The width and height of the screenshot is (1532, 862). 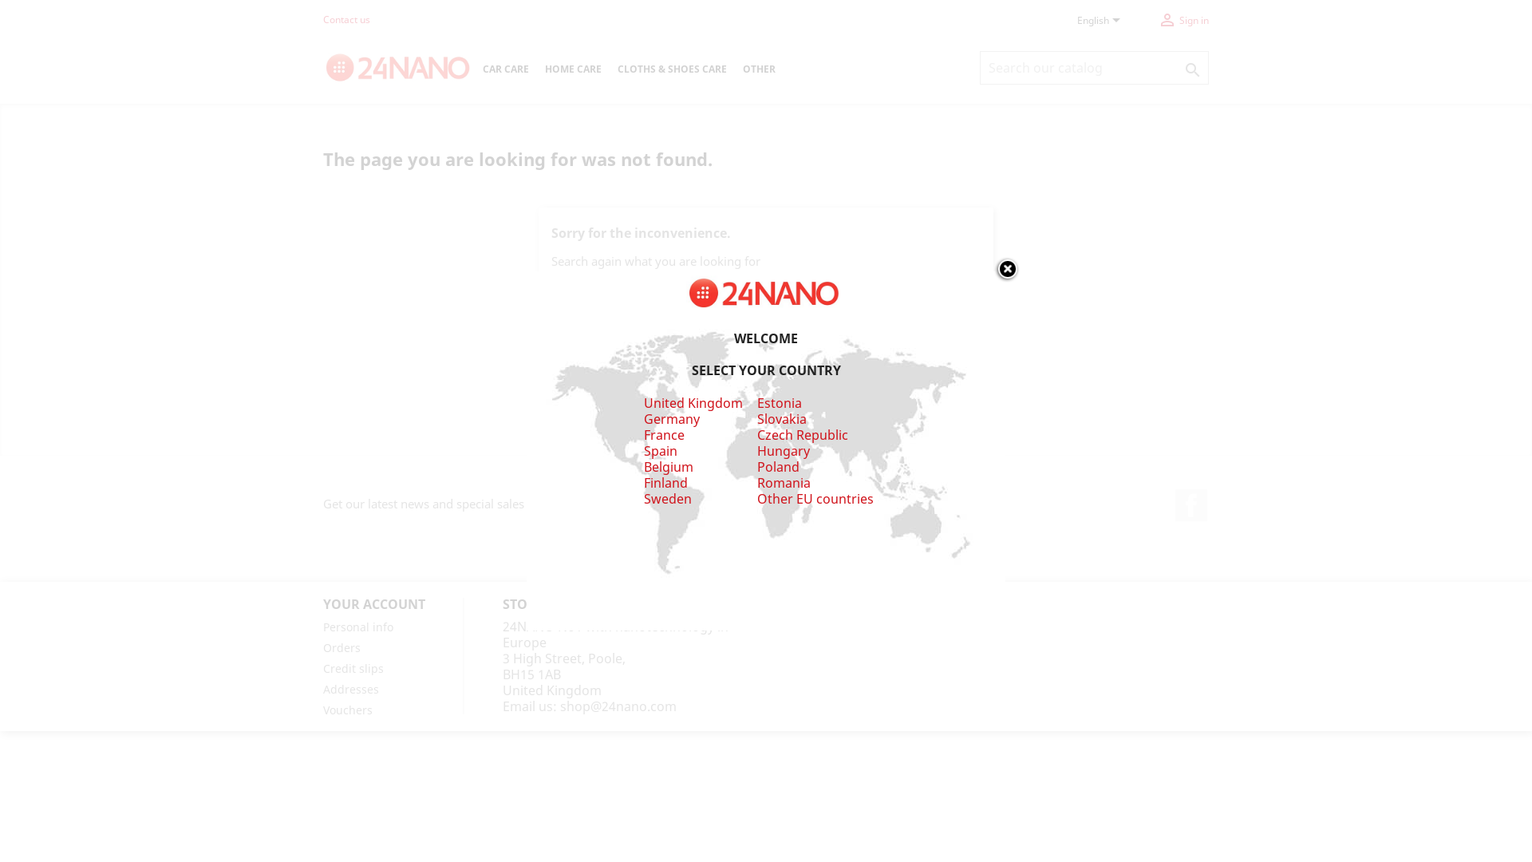 What do you see at coordinates (341, 647) in the screenshot?
I see `'Orders'` at bounding box center [341, 647].